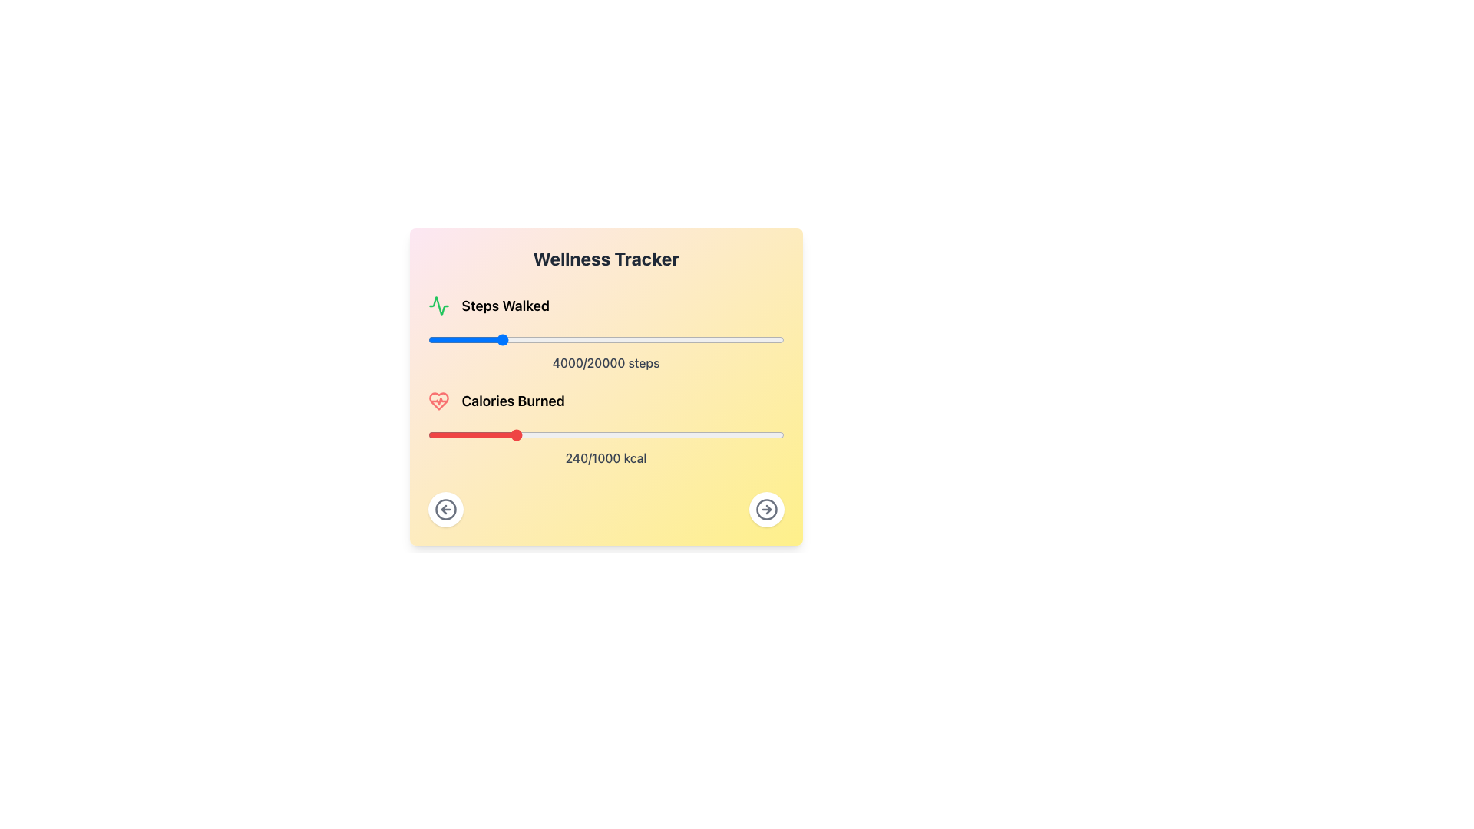  Describe the element at coordinates (766, 509) in the screenshot. I see `the smaller circular SVG element that forms the outer boundary of a circular arrow icon, located in the bottom-right corner of the main UI card, adjacent to a reset or refresh icon` at that location.